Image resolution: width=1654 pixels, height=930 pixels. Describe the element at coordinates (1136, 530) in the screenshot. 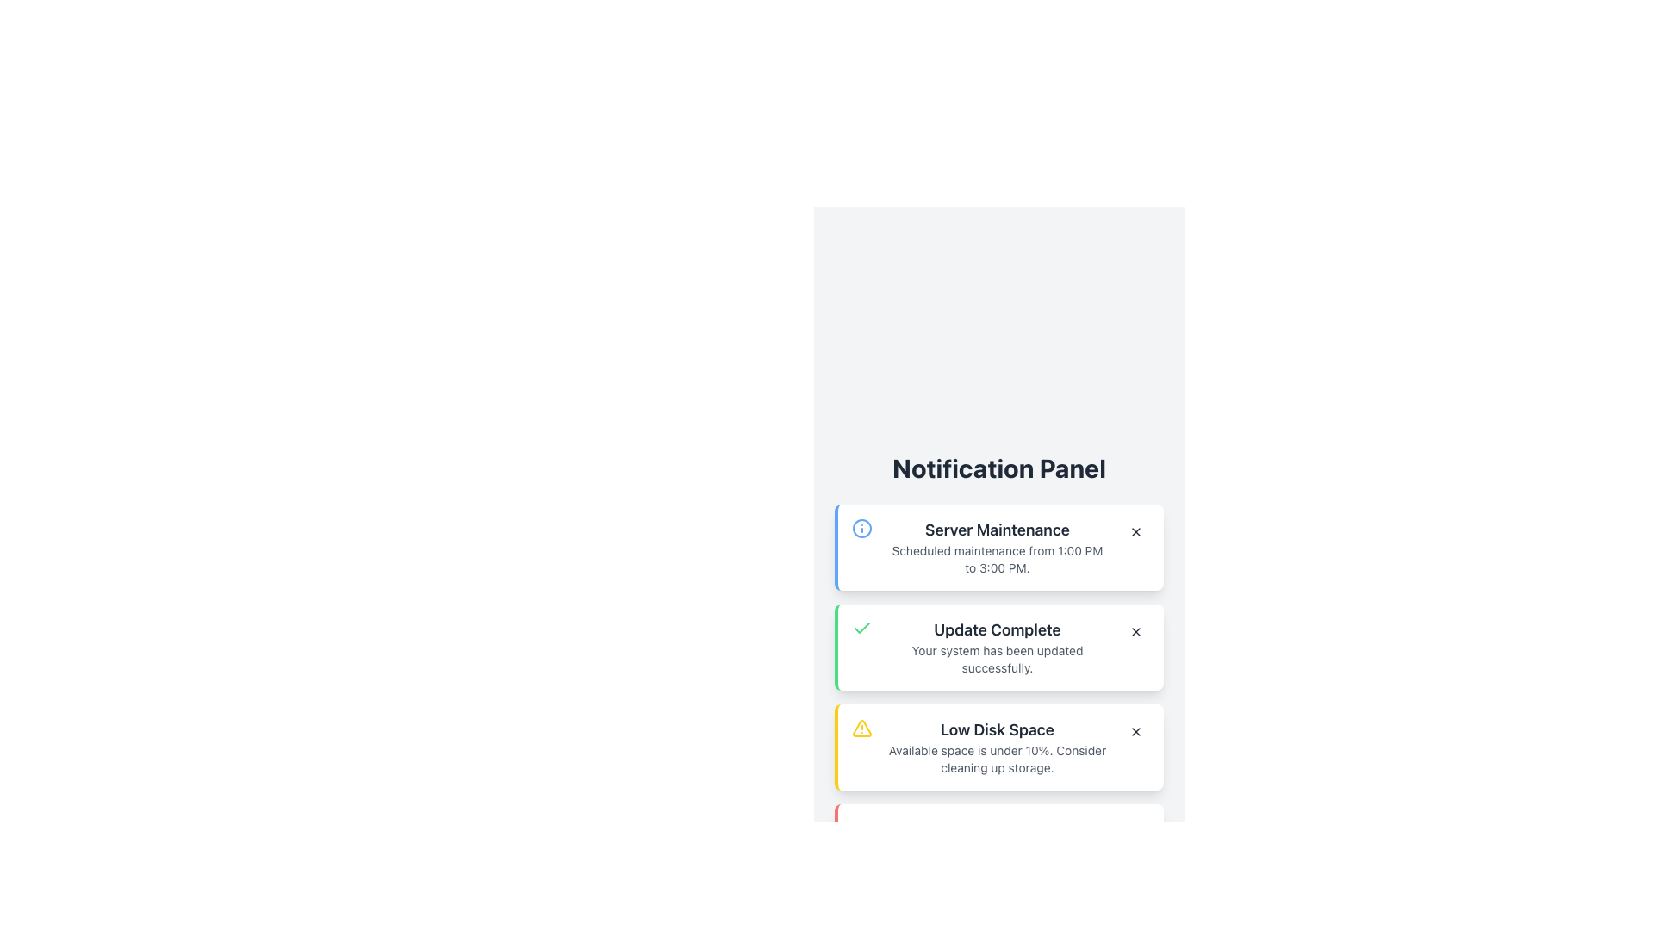

I see `the dismiss icon button located at the top-right corner of the 'Server Maintenance' notification card to clear the notification from the panel` at that location.